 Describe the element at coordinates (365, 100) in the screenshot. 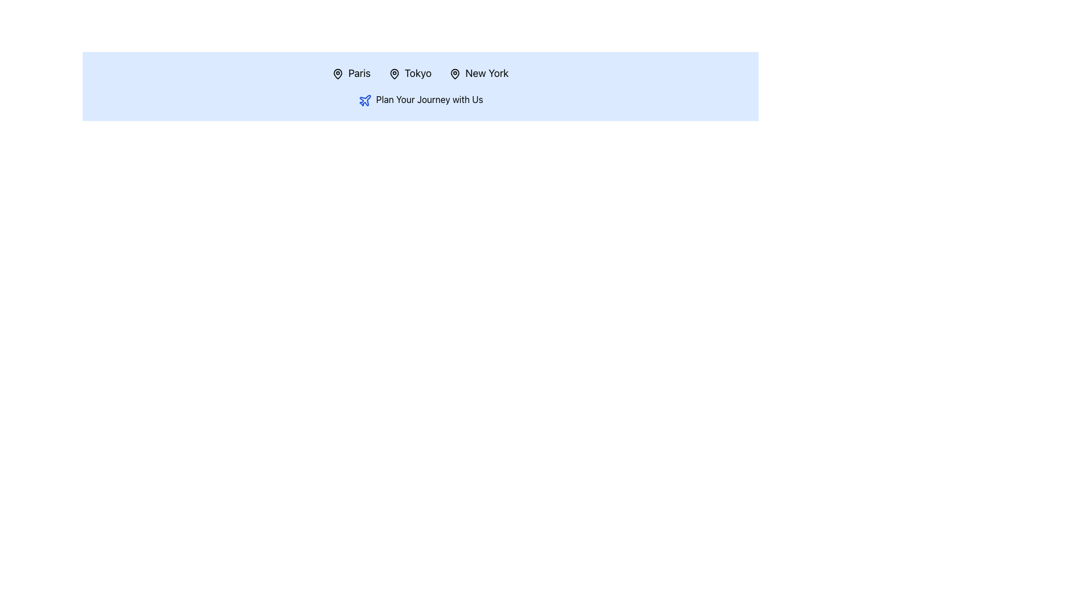

I see `the travel icon located to the left of the text 'Plan Your Journey with Us', which serves as a decorative emblem for planning journeys` at that location.